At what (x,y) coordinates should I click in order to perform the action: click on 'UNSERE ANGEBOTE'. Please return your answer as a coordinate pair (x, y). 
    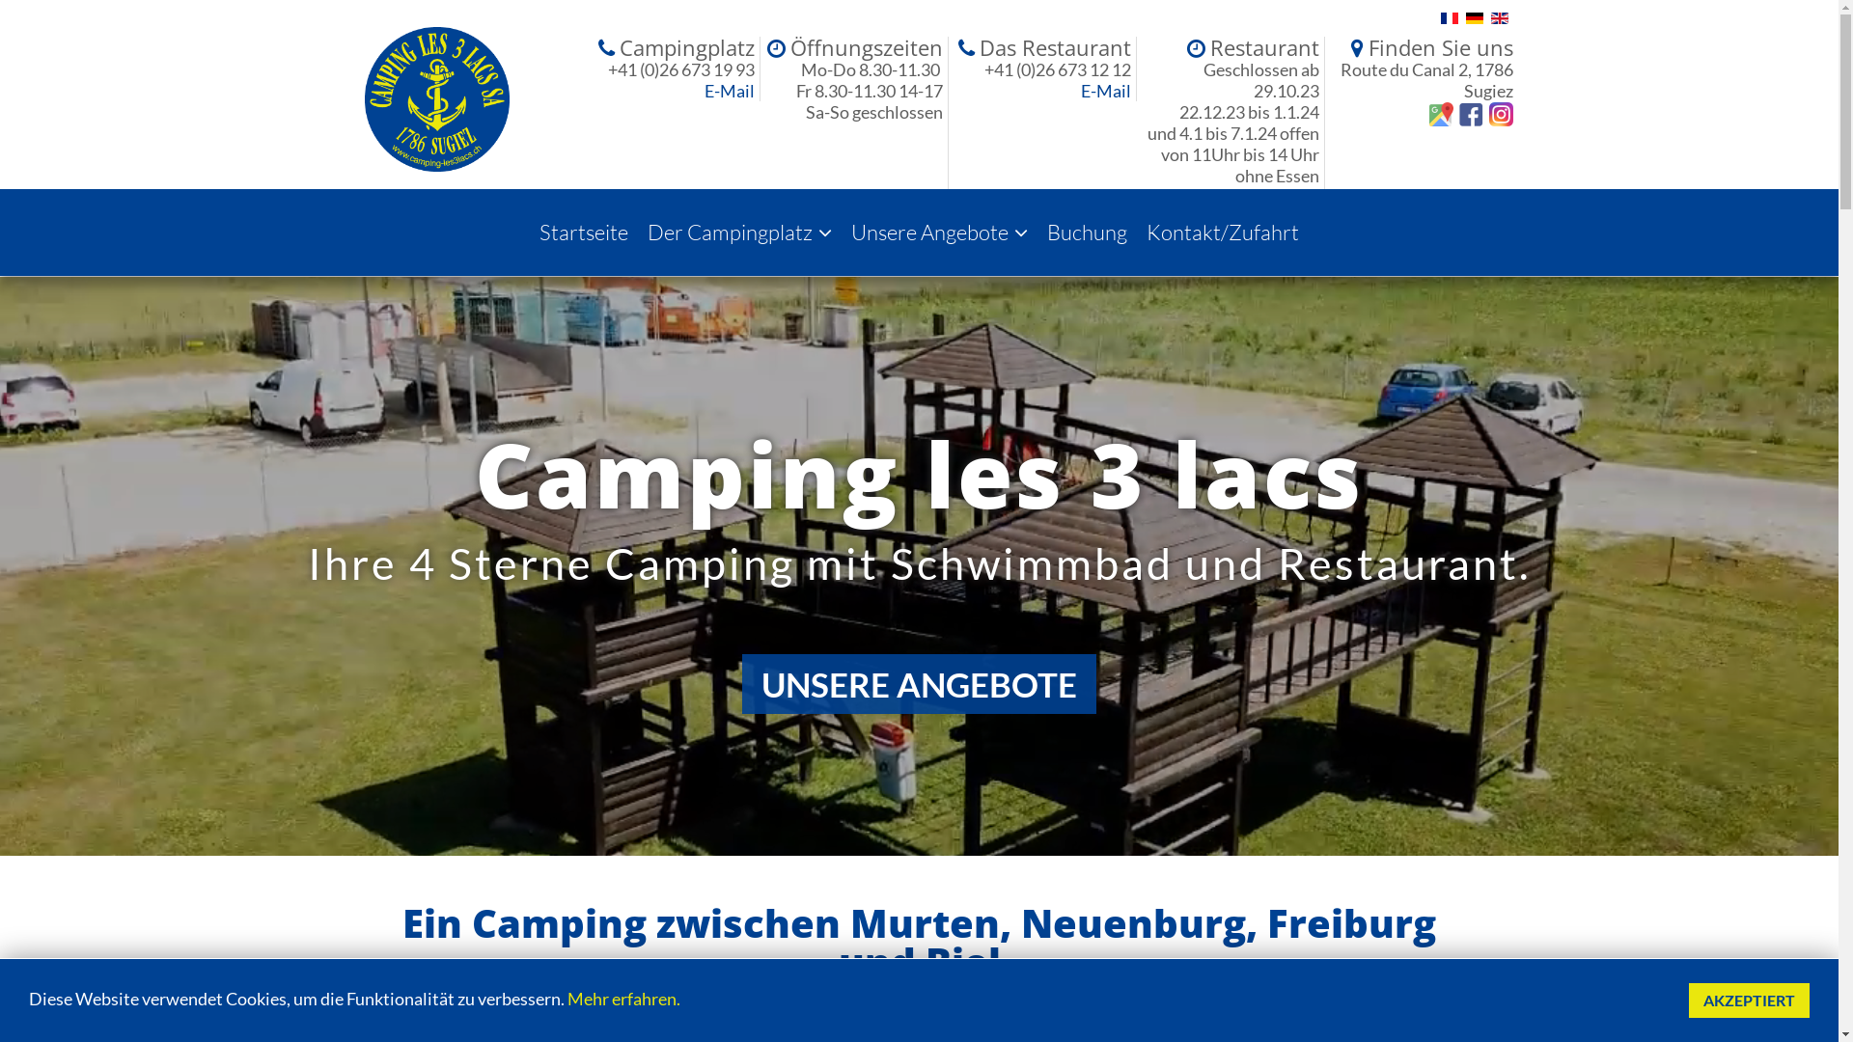
    Looking at the image, I should click on (918, 683).